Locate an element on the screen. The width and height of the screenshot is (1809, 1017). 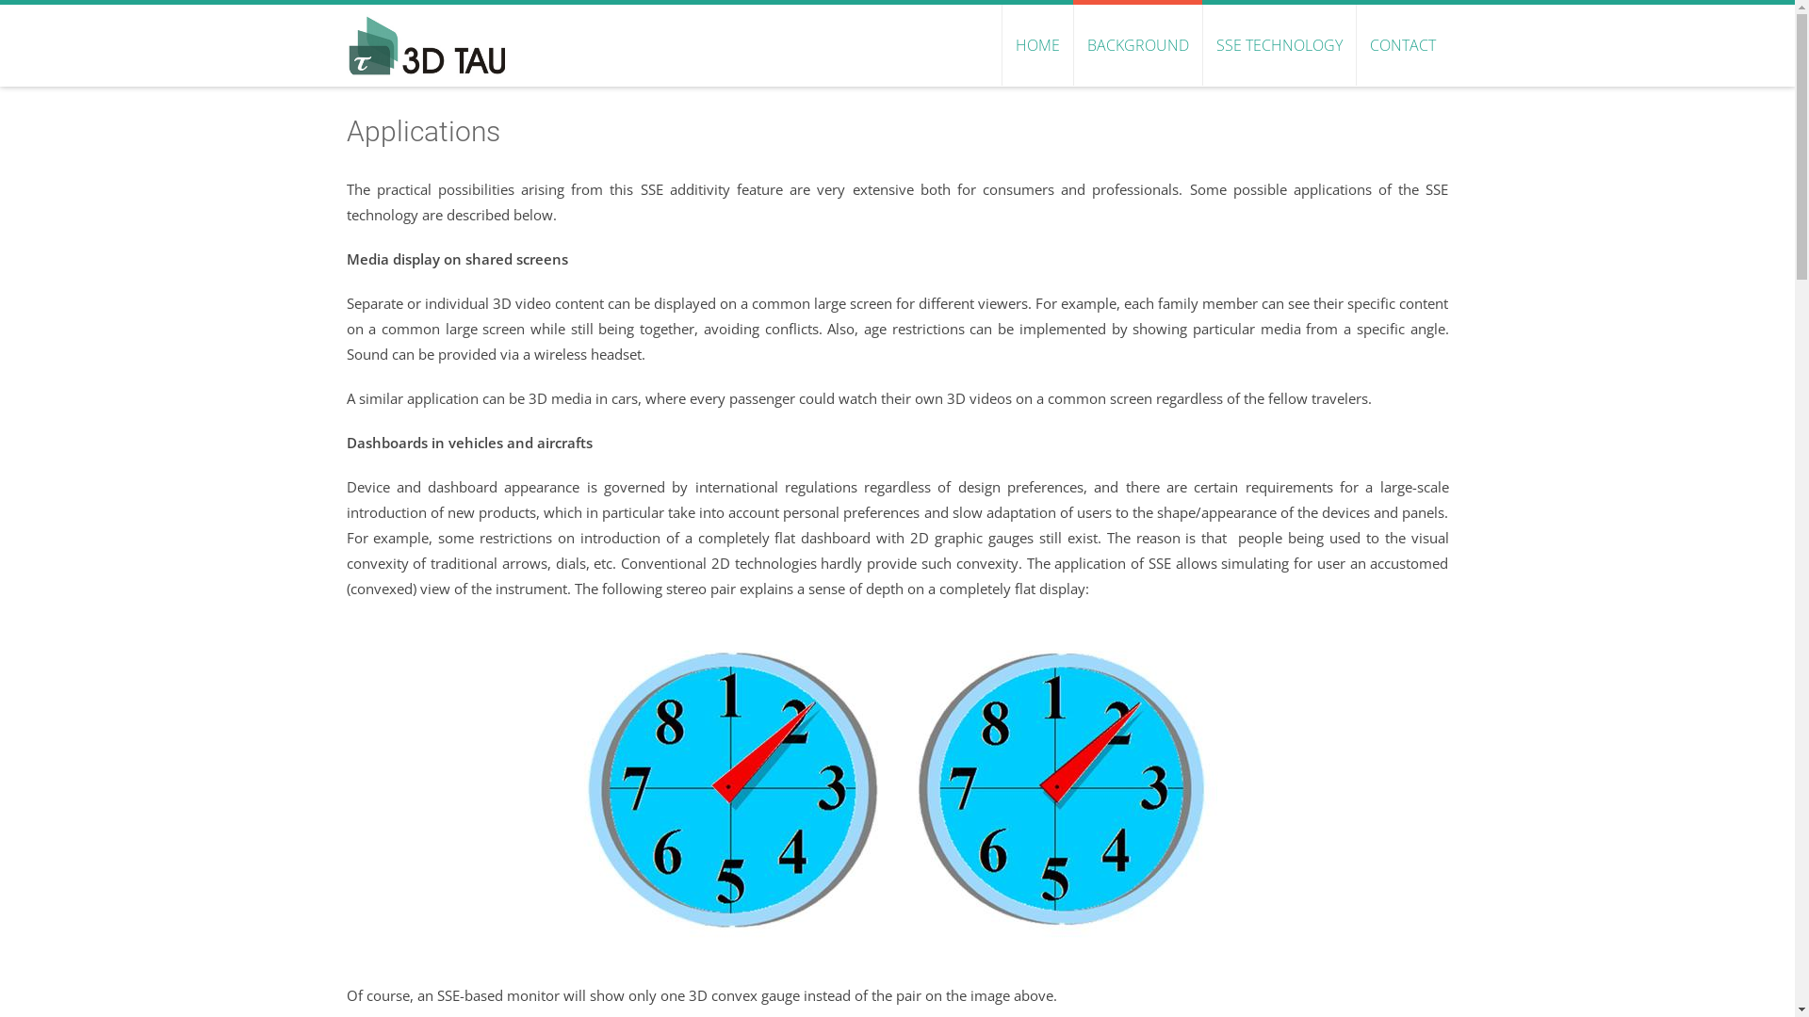
'HOME' is located at coordinates (1035, 43).